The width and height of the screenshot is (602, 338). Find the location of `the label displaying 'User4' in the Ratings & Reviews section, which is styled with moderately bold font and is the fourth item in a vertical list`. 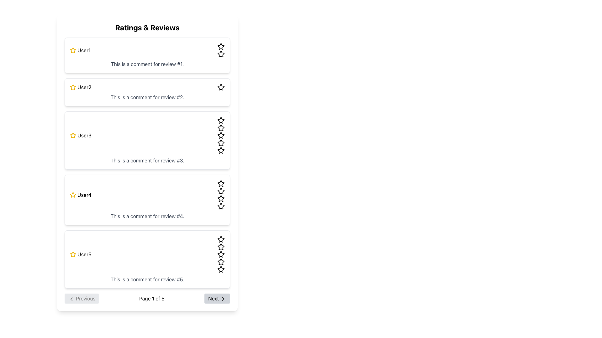

the label displaying 'User4' in the Ratings & Reviews section, which is styled with moderately bold font and is the fourth item in a vertical list is located at coordinates (84, 195).